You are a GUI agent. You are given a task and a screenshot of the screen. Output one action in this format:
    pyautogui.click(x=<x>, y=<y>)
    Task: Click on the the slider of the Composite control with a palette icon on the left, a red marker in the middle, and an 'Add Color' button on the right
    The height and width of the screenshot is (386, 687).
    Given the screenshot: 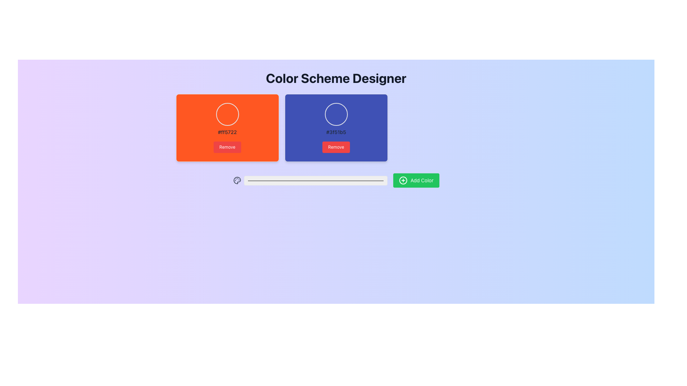 What is the action you would take?
    pyautogui.click(x=336, y=180)
    